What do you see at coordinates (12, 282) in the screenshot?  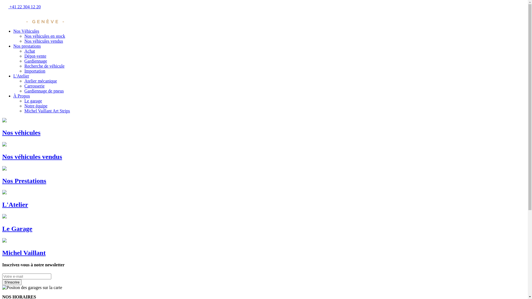 I see `'S'inscrire'` at bounding box center [12, 282].